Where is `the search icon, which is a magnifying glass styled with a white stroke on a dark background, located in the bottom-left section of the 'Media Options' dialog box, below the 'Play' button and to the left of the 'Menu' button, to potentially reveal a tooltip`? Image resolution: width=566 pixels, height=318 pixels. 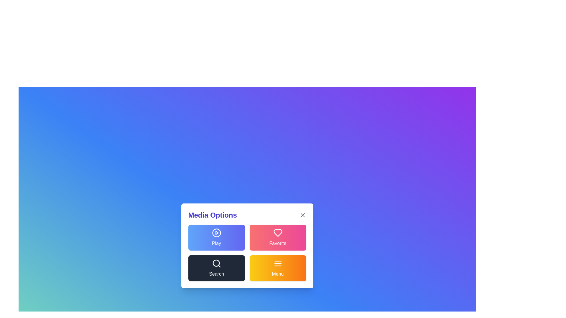
the search icon, which is a magnifying glass styled with a white stroke on a dark background, located in the bottom-left section of the 'Media Options' dialog box, below the 'Play' button and to the left of the 'Menu' button, to potentially reveal a tooltip is located at coordinates (216, 263).